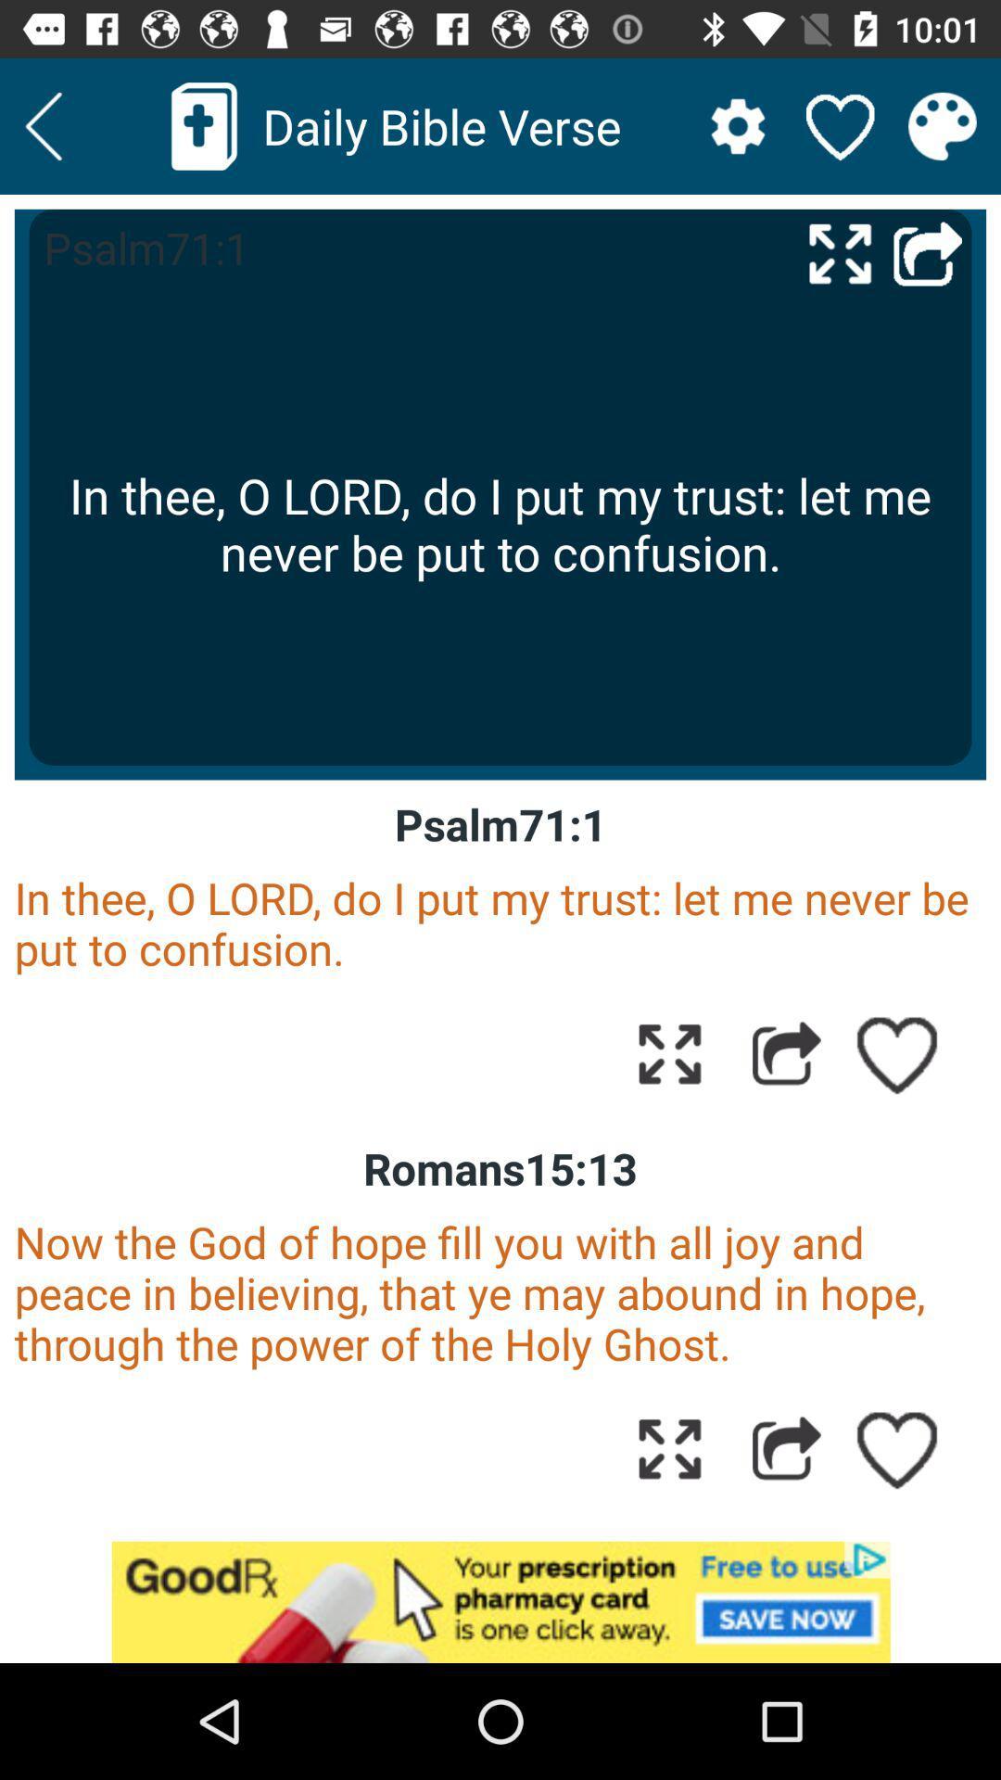  What do you see at coordinates (500, 1601) in the screenshot?
I see `advertisement page` at bounding box center [500, 1601].